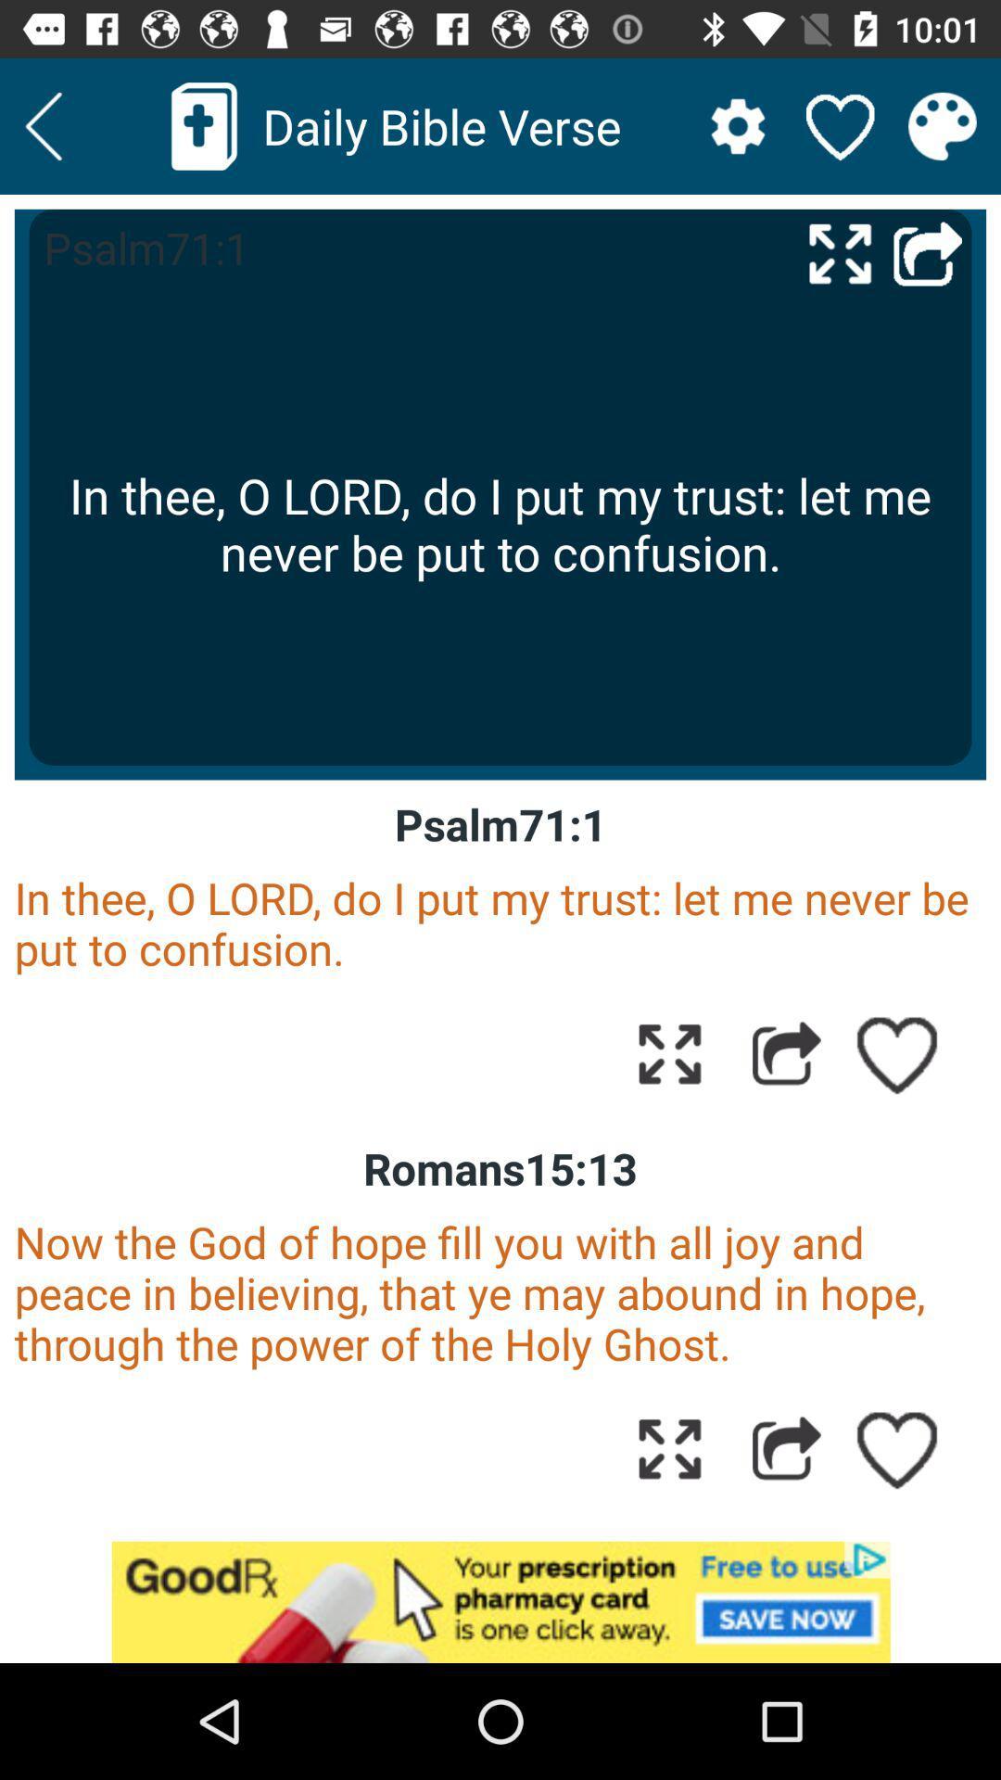  What do you see at coordinates (500, 1601) in the screenshot?
I see `advertisement page` at bounding box center [500, 1601].